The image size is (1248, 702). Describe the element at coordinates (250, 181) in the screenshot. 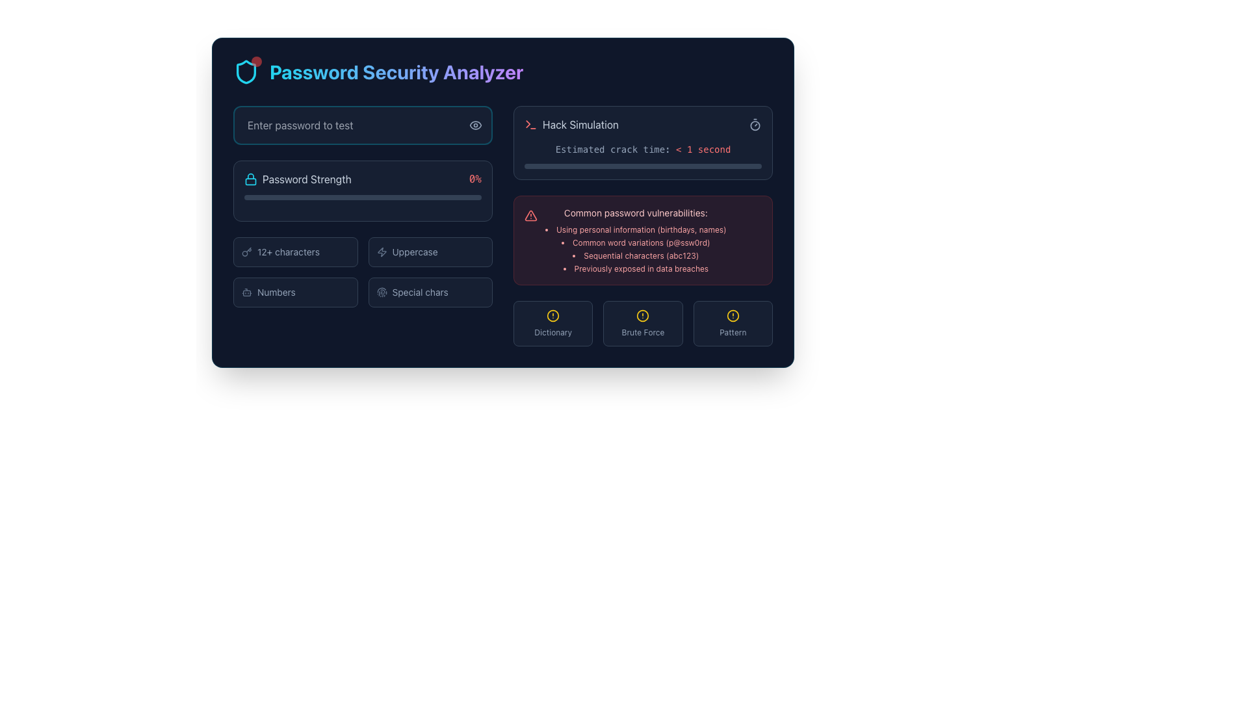

I see `the graphical part of the lock icon that symbolizes security, located to the left of the 'Password Strength' text` at that location.